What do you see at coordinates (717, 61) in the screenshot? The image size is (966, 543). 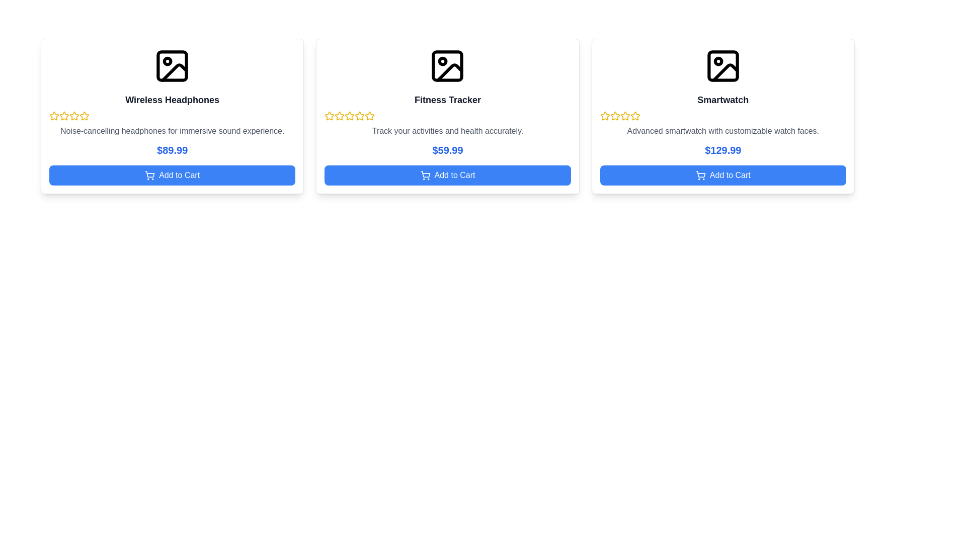 I see `the Icon Decoration located in the top-left corner of the Smartwatch card, which is the third card from the left in the set of horizontally-aligned cards` at bounding box center [717, 61].